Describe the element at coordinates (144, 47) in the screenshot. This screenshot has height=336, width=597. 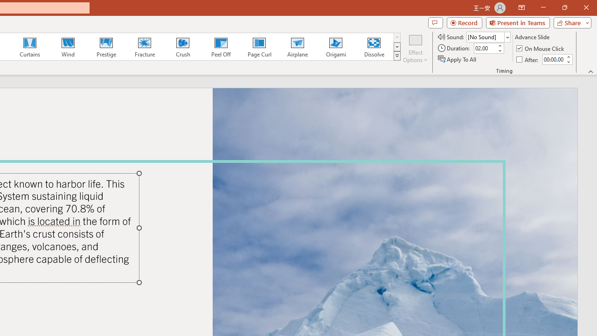
I see `'Fracture'` at that location.